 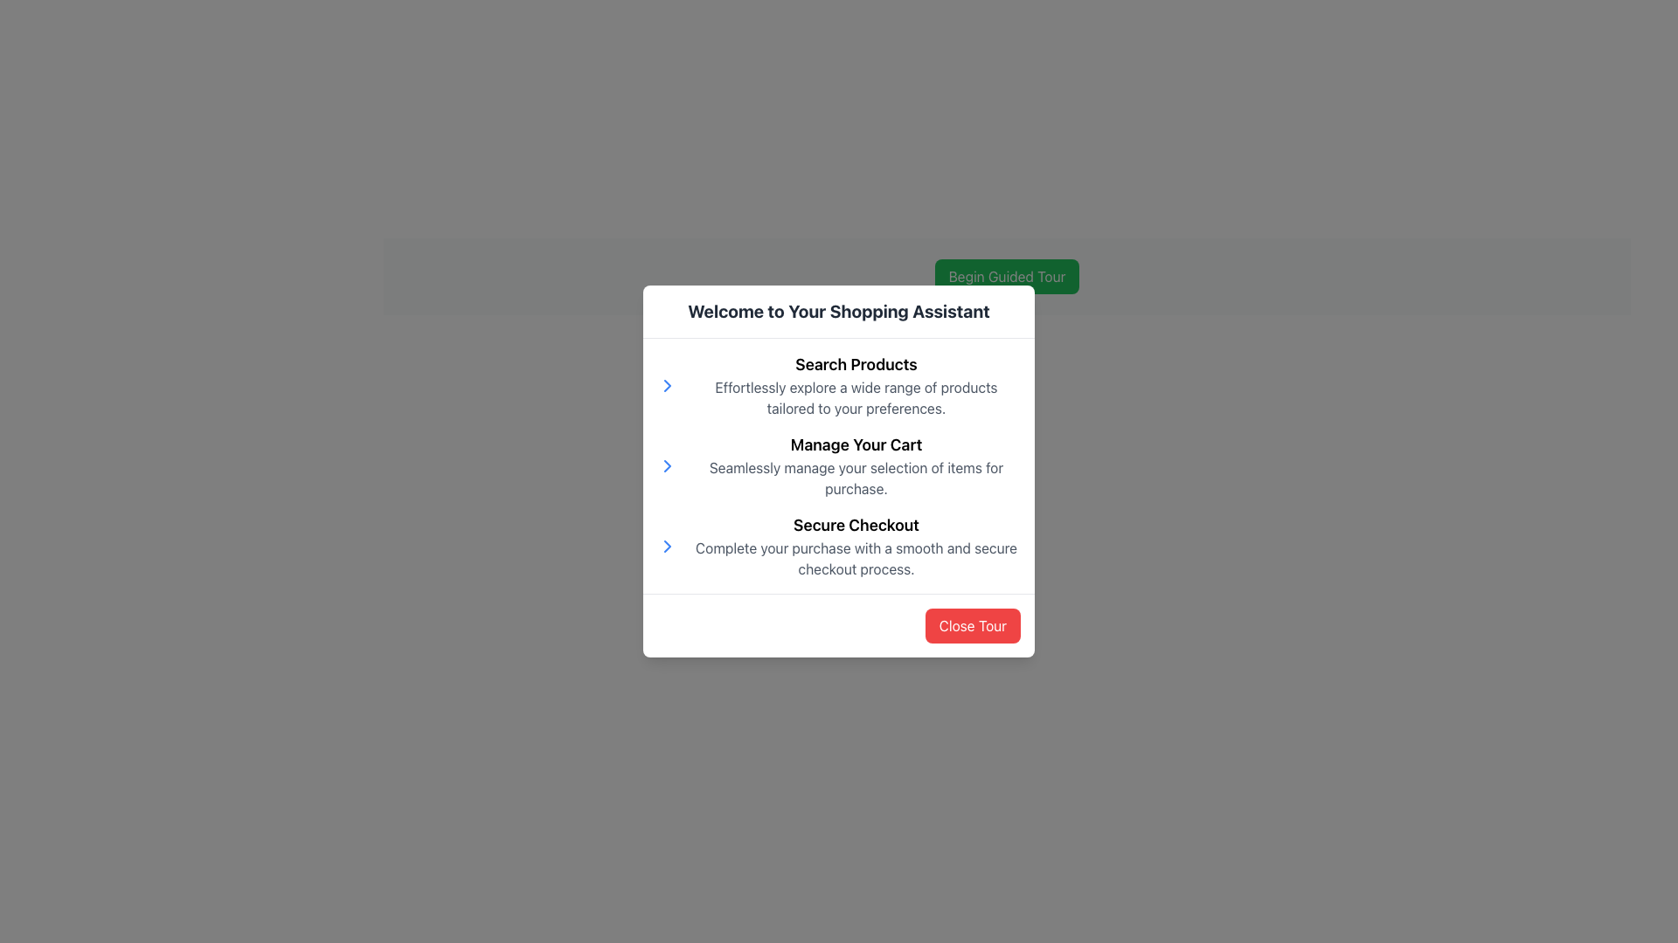 What do you see at coordinates (666, 385) in the screenshot?
I see `the chevron icon located to the immediate left of the 'Search Products' text in the modal window` at bounding box center [666, 385].